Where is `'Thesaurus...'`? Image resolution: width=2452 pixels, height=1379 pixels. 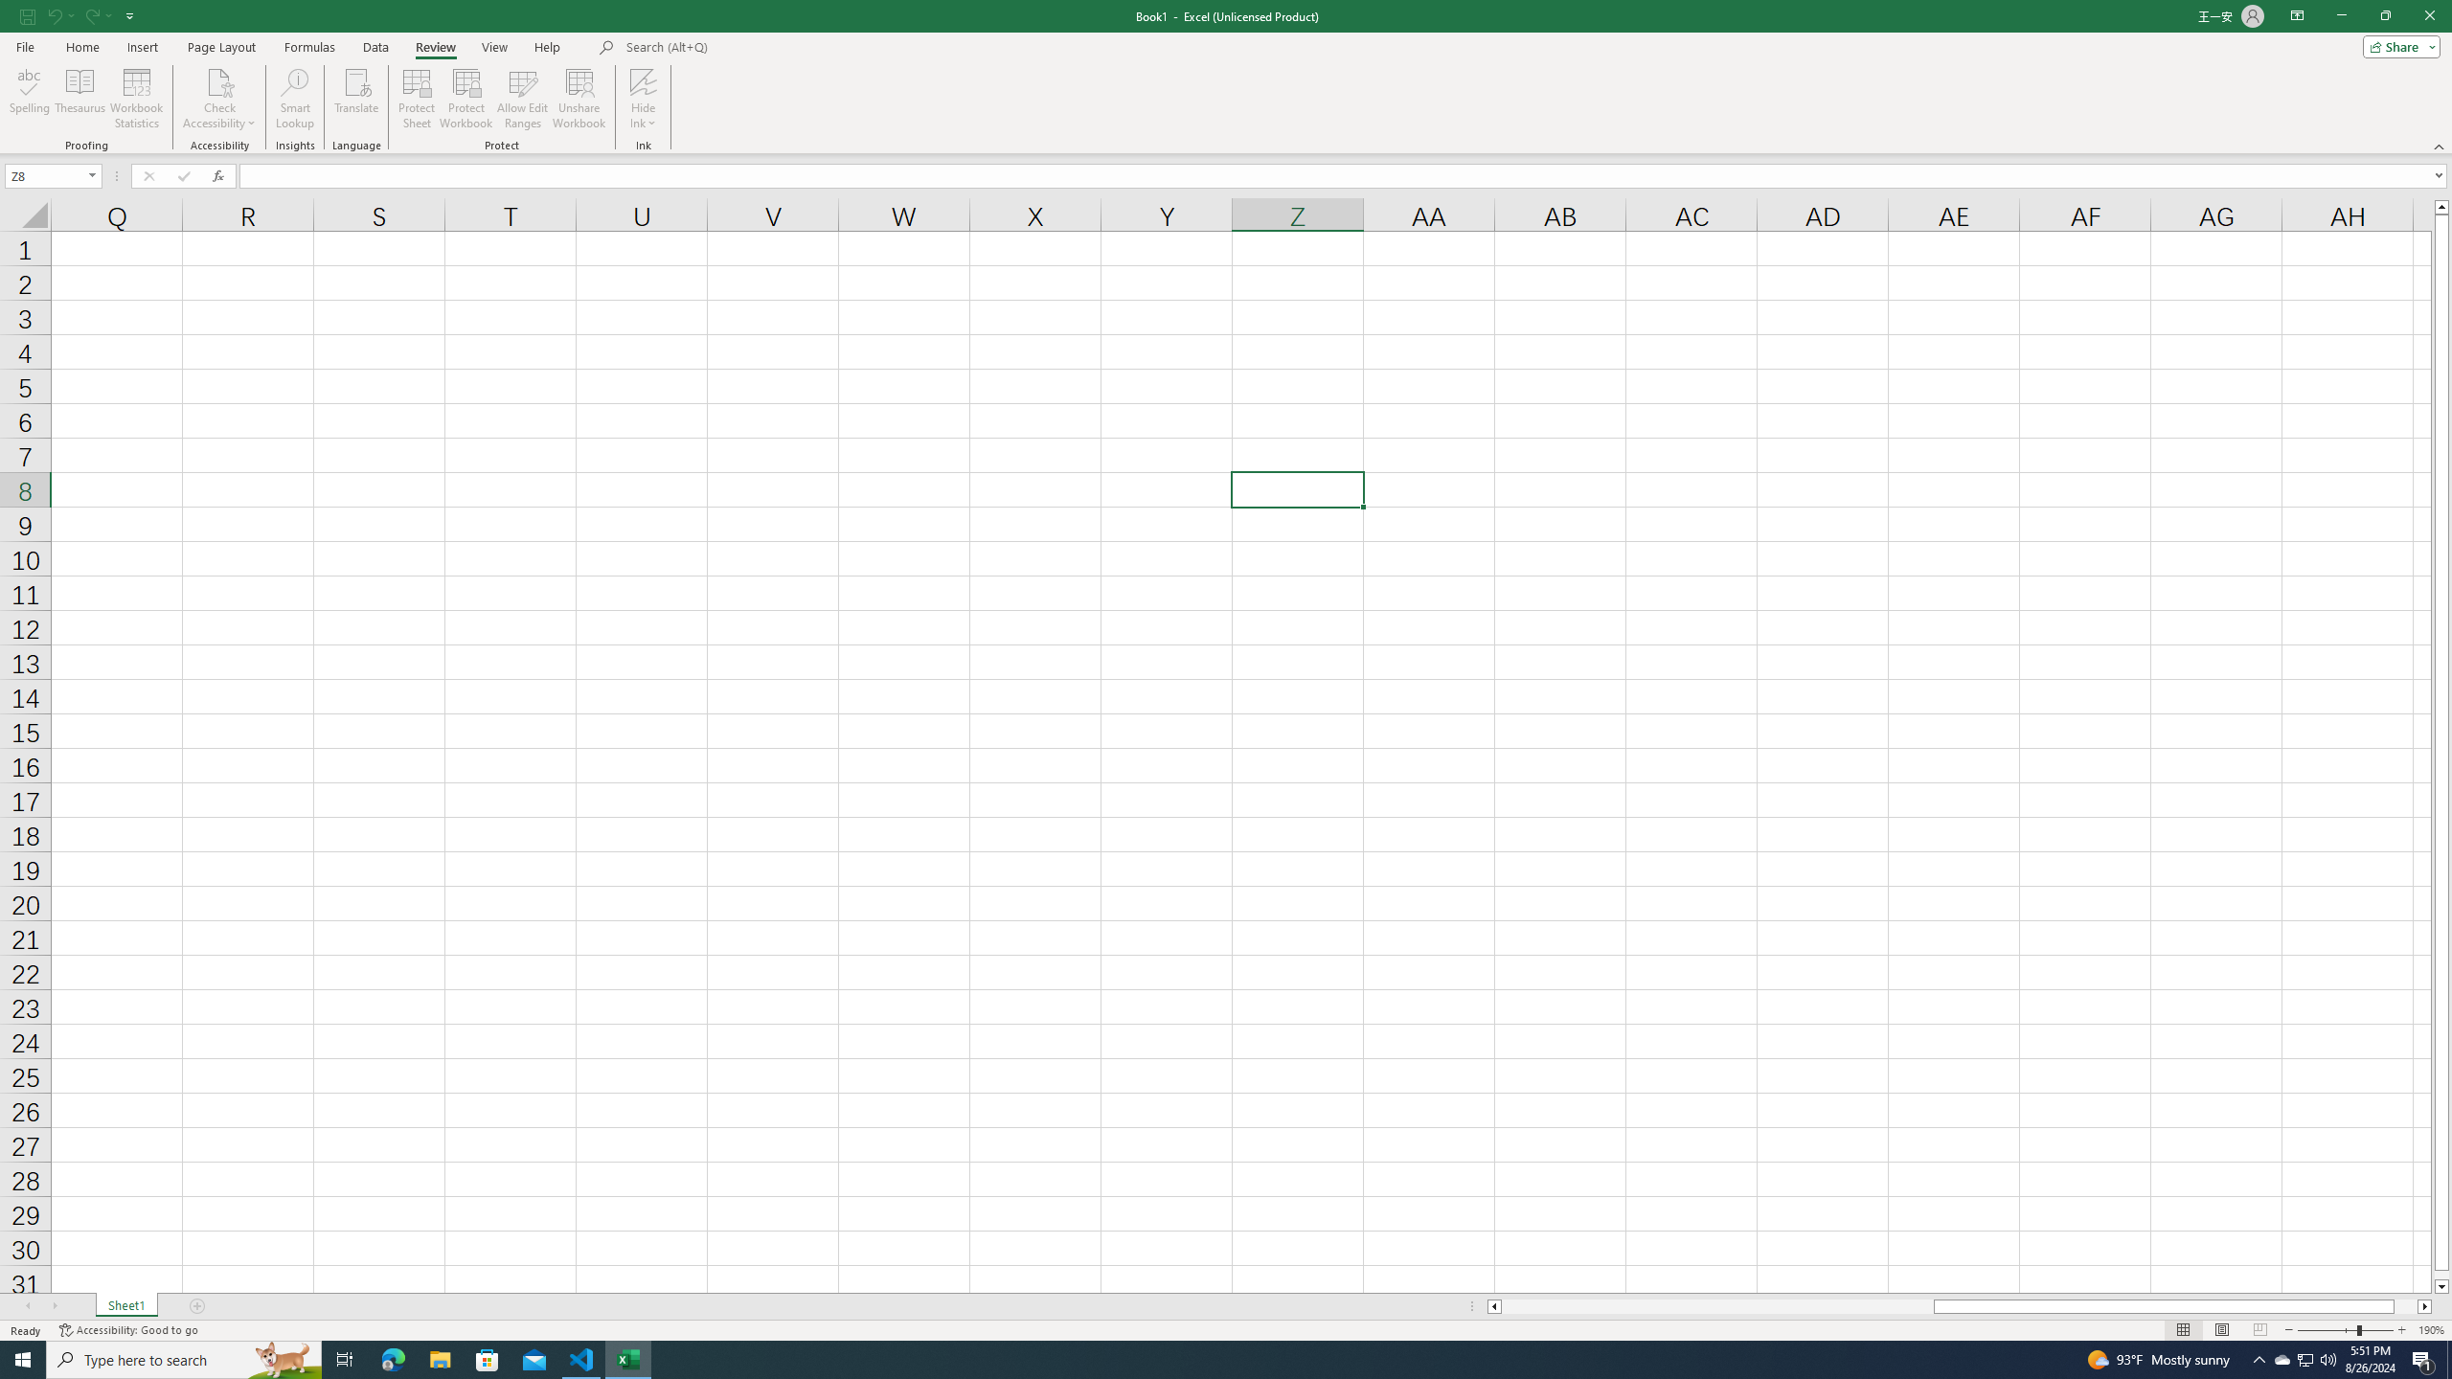 'Thesaurus...' is located at coordinates (79, 99).